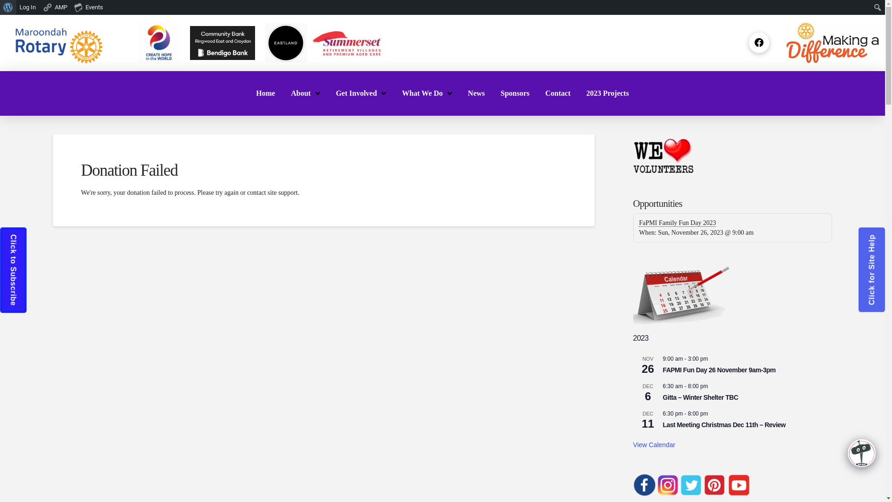 This screenshot has width=892, height=502. I want to click on 'View Calendar', so click(654, 444).